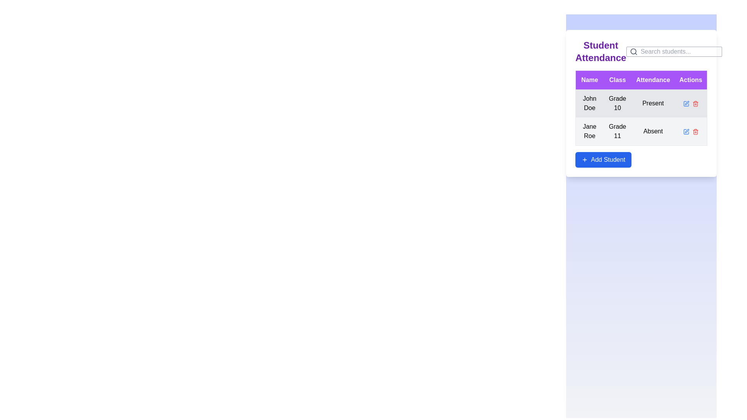 This screenshot has width=747, height=420. What do you see at coordinates (673, 51) in the screenshot?
I see `the search icon located to the right of the 'Student Attendance' text in the search bar` at bounding box center [673, 51].